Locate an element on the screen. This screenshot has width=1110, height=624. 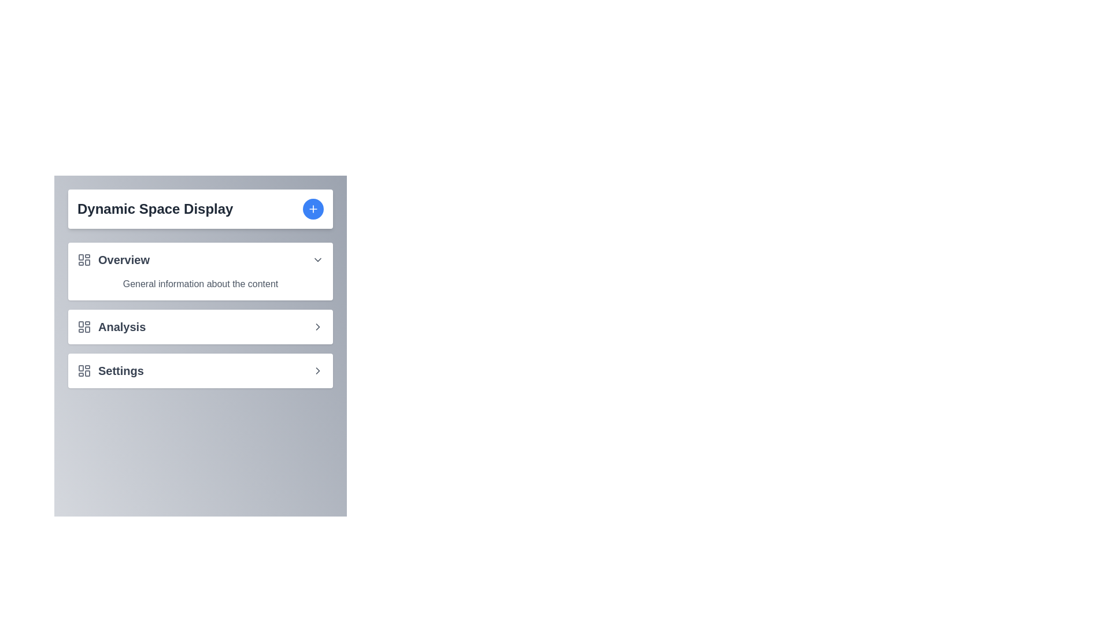
the Navigation link with an icon and text label leading to the overview section is located at coordinates (113, 260).